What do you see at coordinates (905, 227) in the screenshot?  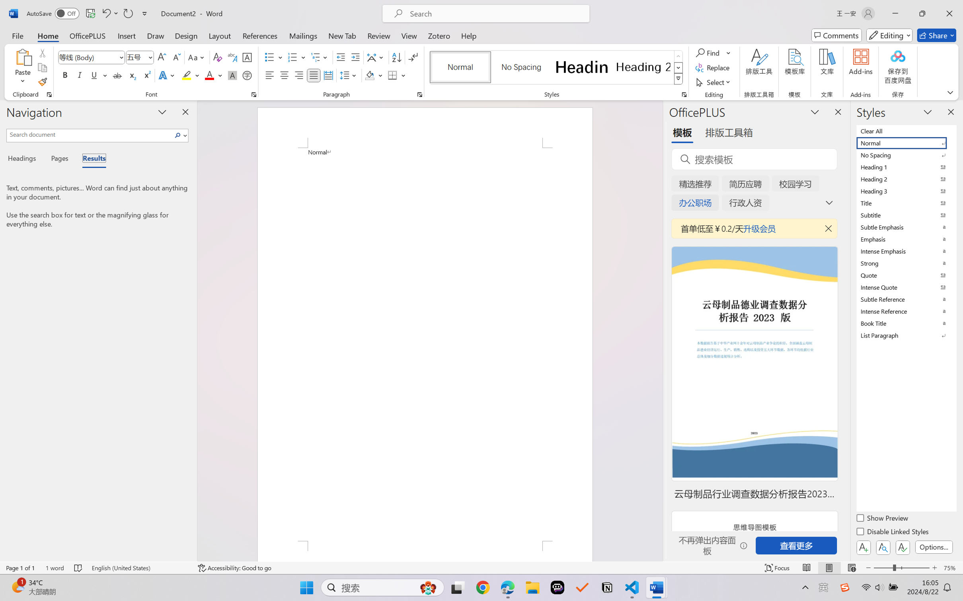 I see `'Subtle Emphasis'` at bounding box center [905, 227].